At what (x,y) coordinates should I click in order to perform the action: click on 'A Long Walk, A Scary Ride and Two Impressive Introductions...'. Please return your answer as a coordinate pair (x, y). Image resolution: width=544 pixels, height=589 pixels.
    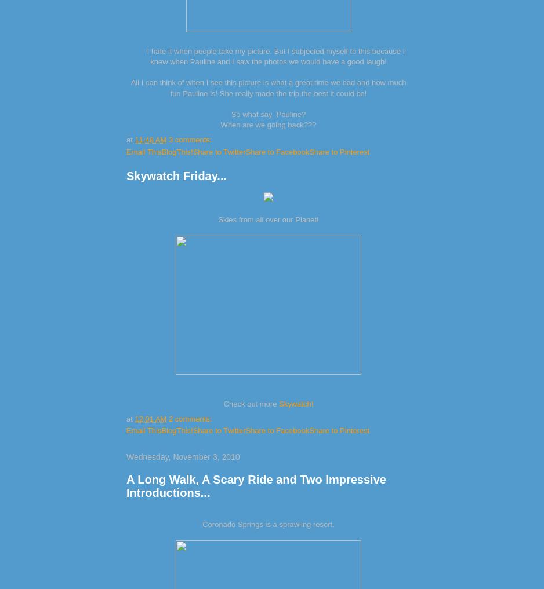
    Looking at the image, I should click on (126, 485).